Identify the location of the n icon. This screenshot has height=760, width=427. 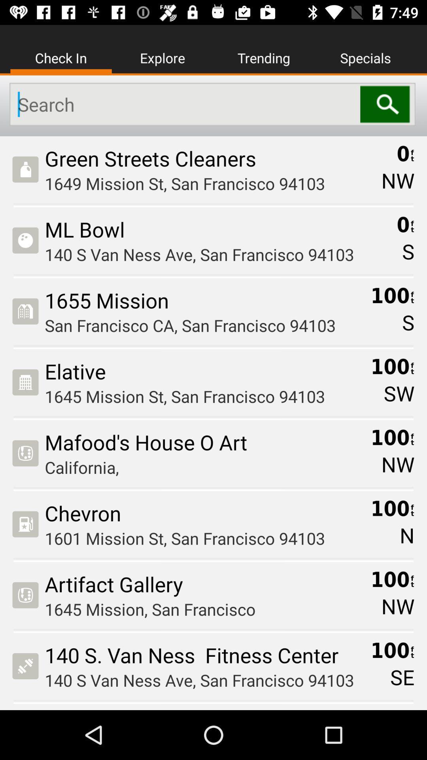
(407, 535).